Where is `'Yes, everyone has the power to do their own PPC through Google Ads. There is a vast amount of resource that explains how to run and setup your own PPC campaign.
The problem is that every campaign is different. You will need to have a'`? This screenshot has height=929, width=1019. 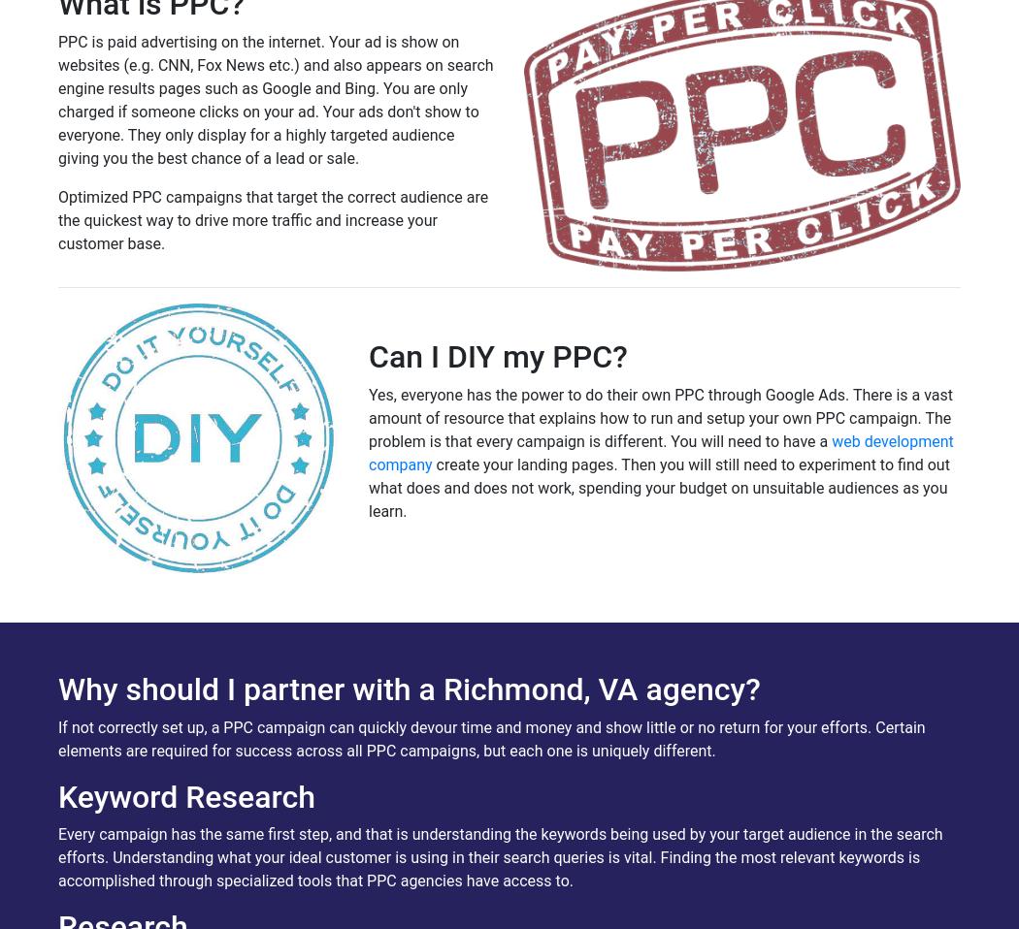
'Yes, everyone has the power to do their own PPC through Google Ads. There is a vast amount of resource that explains how to run and setup your own PPC campaign.
The problem is that every campaign is different. You will need to have a' is located at coordinates (661, 417).